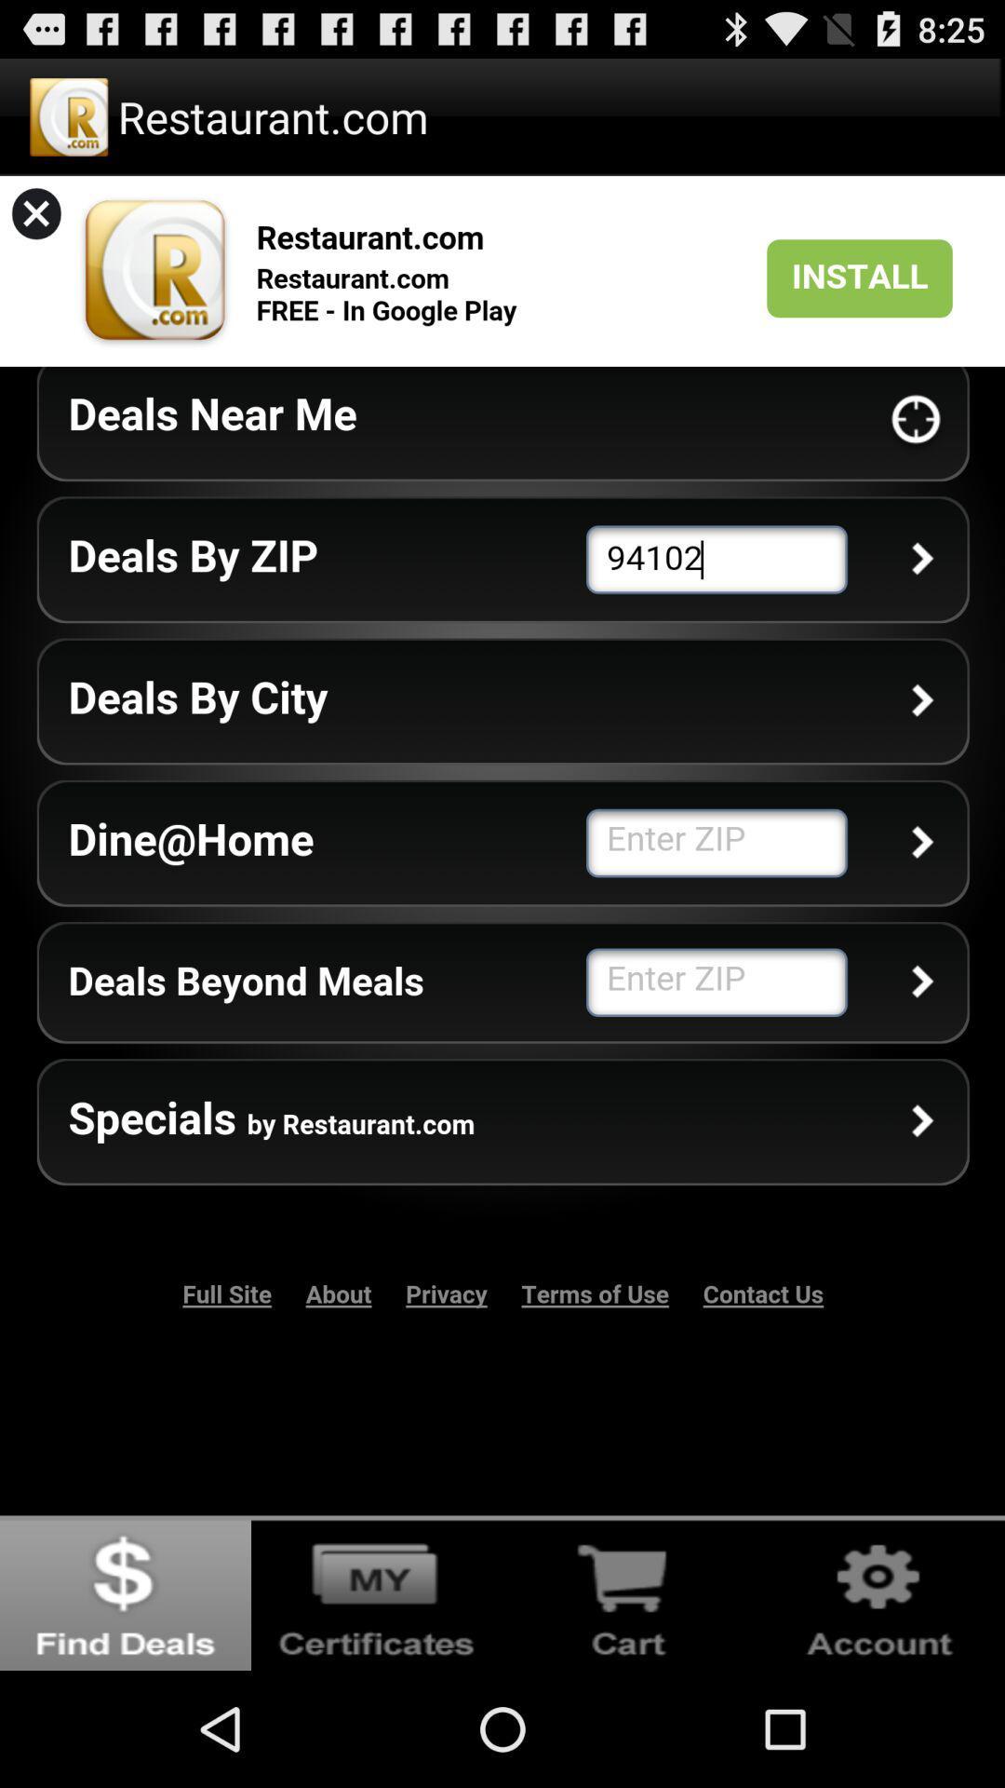  I want to click on the videocam icon, so click(377, 1704).